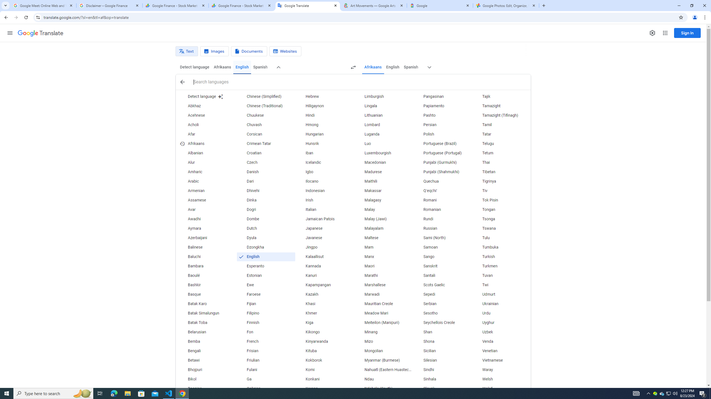 This screenshot has width=711, height=399. What do you see at coordinates (501, 144) in the screenshot?
I see `'Telugu'` at bounding box center [501, 144].